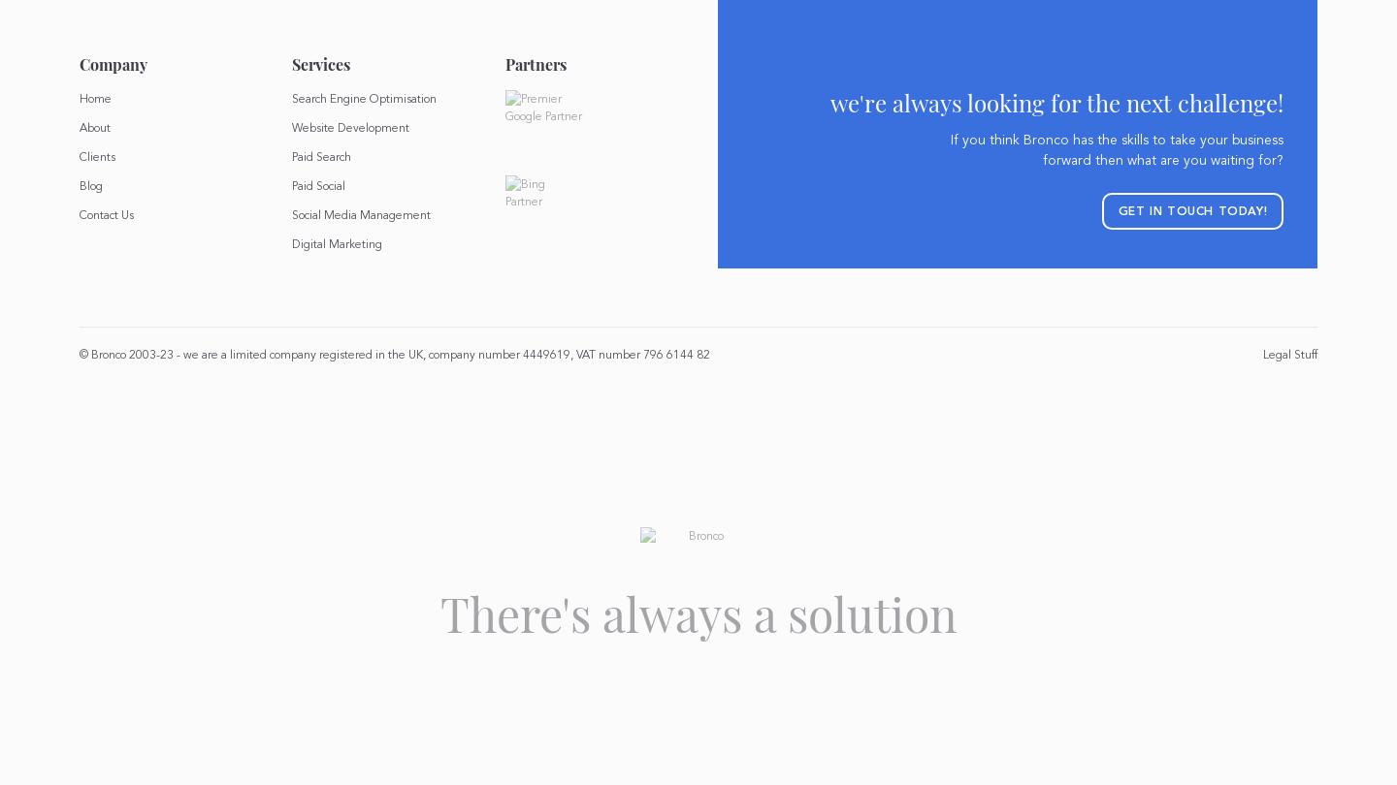 The width and height of the screenshot is (1397, 785). I want to click on '© Bronco 2003-23 - we are a limited company registered in the UK, company number 4449619, VAT number 796 6144 82', so click(392, 354).